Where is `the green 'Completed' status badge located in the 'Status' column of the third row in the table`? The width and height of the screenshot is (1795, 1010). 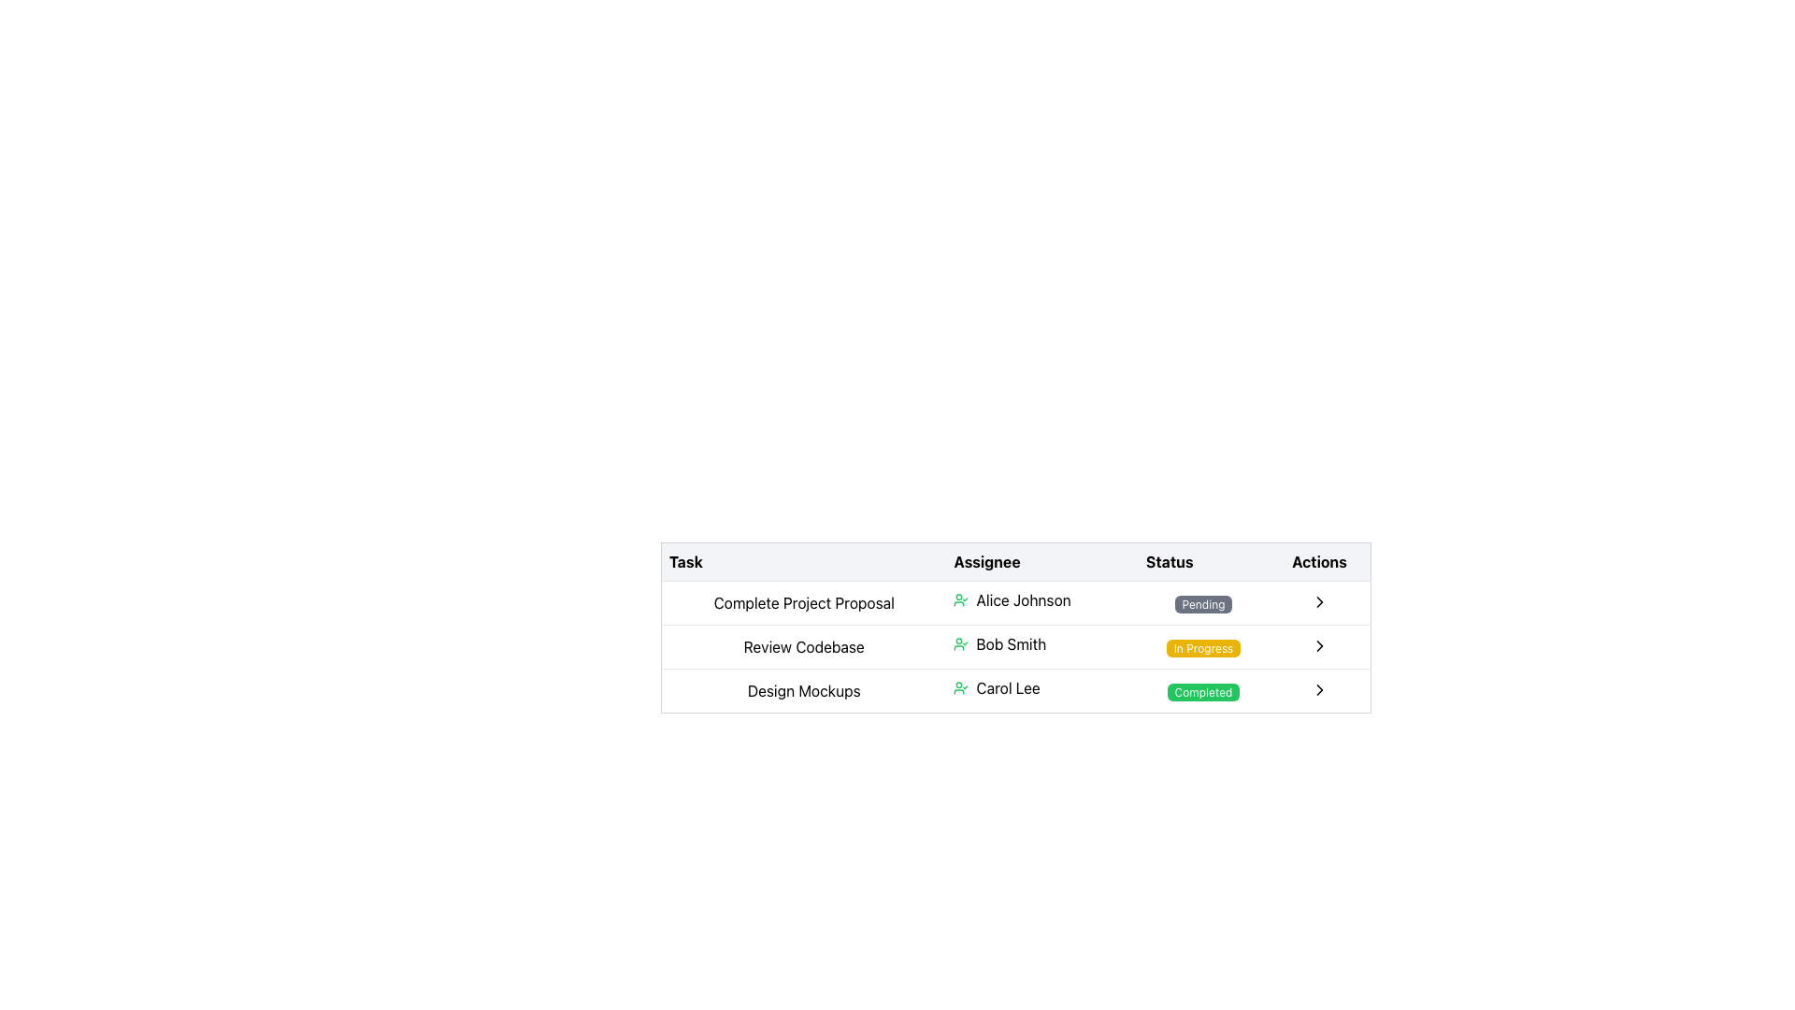
the green 'Completed' status badge located in the 'Status' column of the third row in the table is located at coordinates (1203, 692).